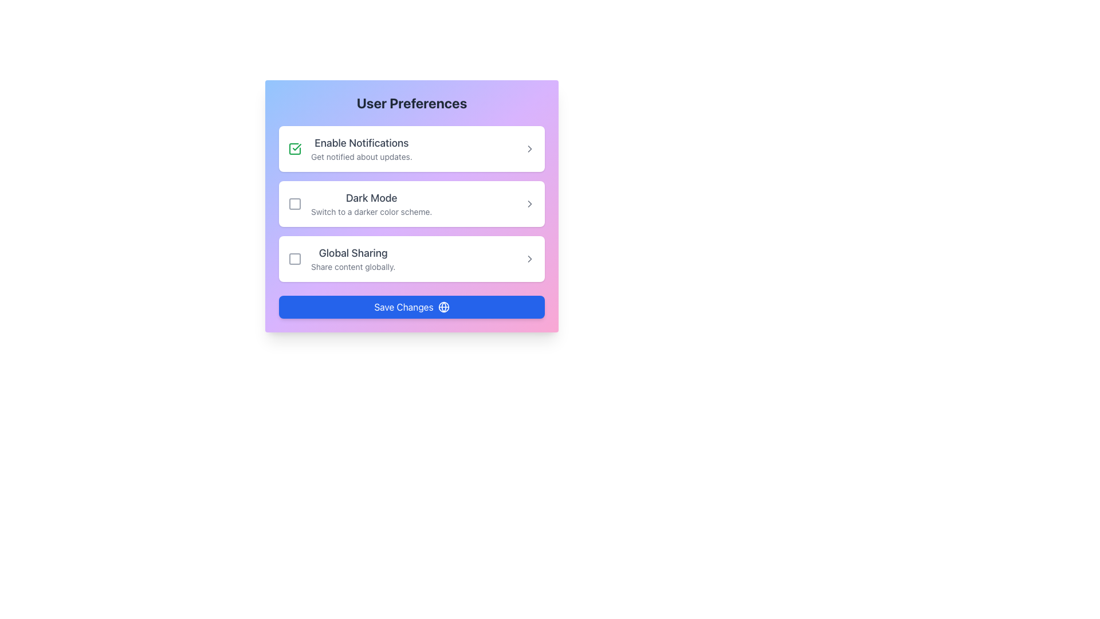 This screenshot has width=1100, height=619. I want to click on the 'Global Sharing' option in the User Preferences list, so click(341, 258).